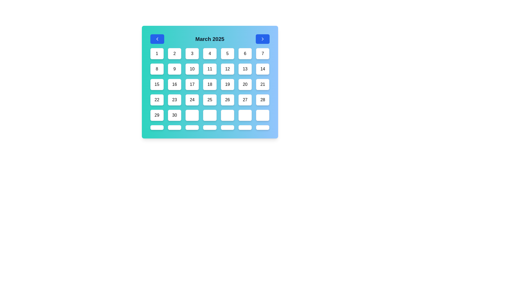  Describe the element at coordinates (174, 100) in the screenshot. I see `the white rectangular button labeled '23'` at that location.